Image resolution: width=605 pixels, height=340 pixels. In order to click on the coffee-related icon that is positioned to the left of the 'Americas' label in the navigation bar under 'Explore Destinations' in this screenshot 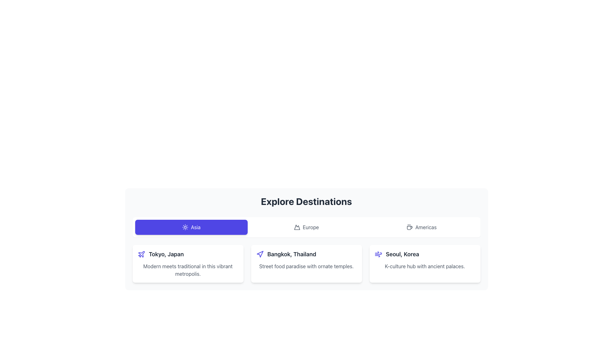, I will do `click(410, 227)`.